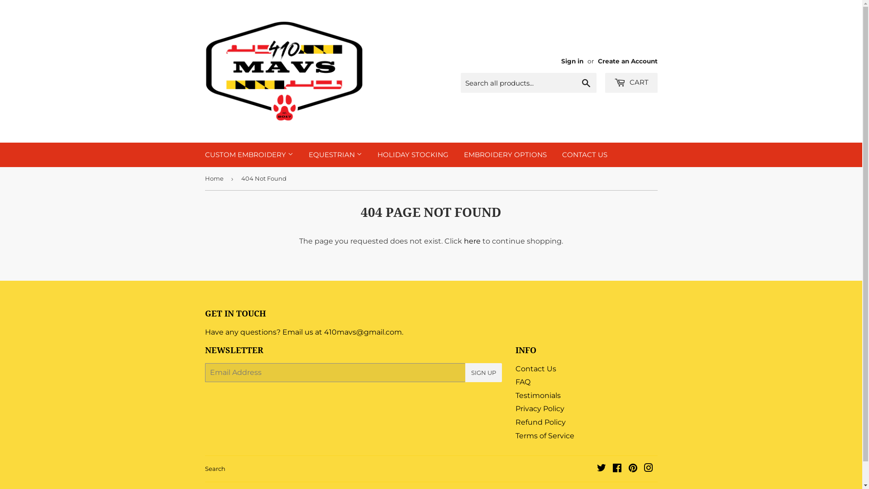  Describe the element at coordinates (630, 82) in the screenshot. I see `'CART'` at that location.